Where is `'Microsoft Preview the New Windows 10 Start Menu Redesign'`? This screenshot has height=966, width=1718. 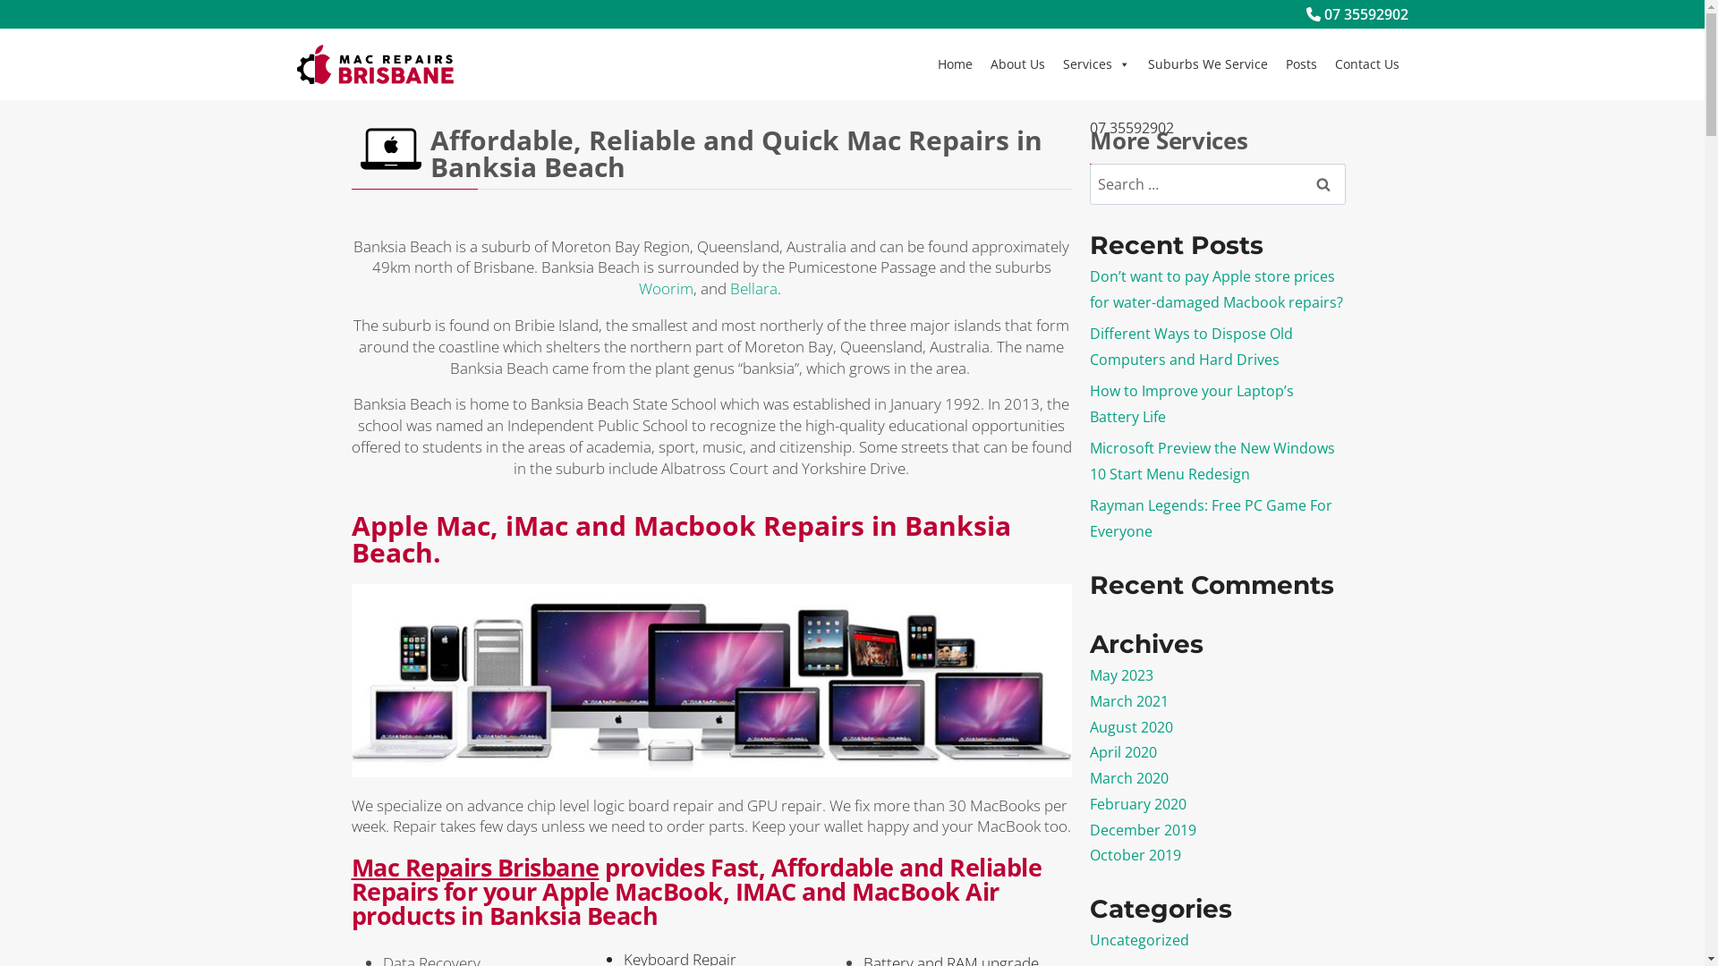 'Microsoft Preview the New Windows 10 Start Menu Redesign' is located at coordinates (1212, 460).